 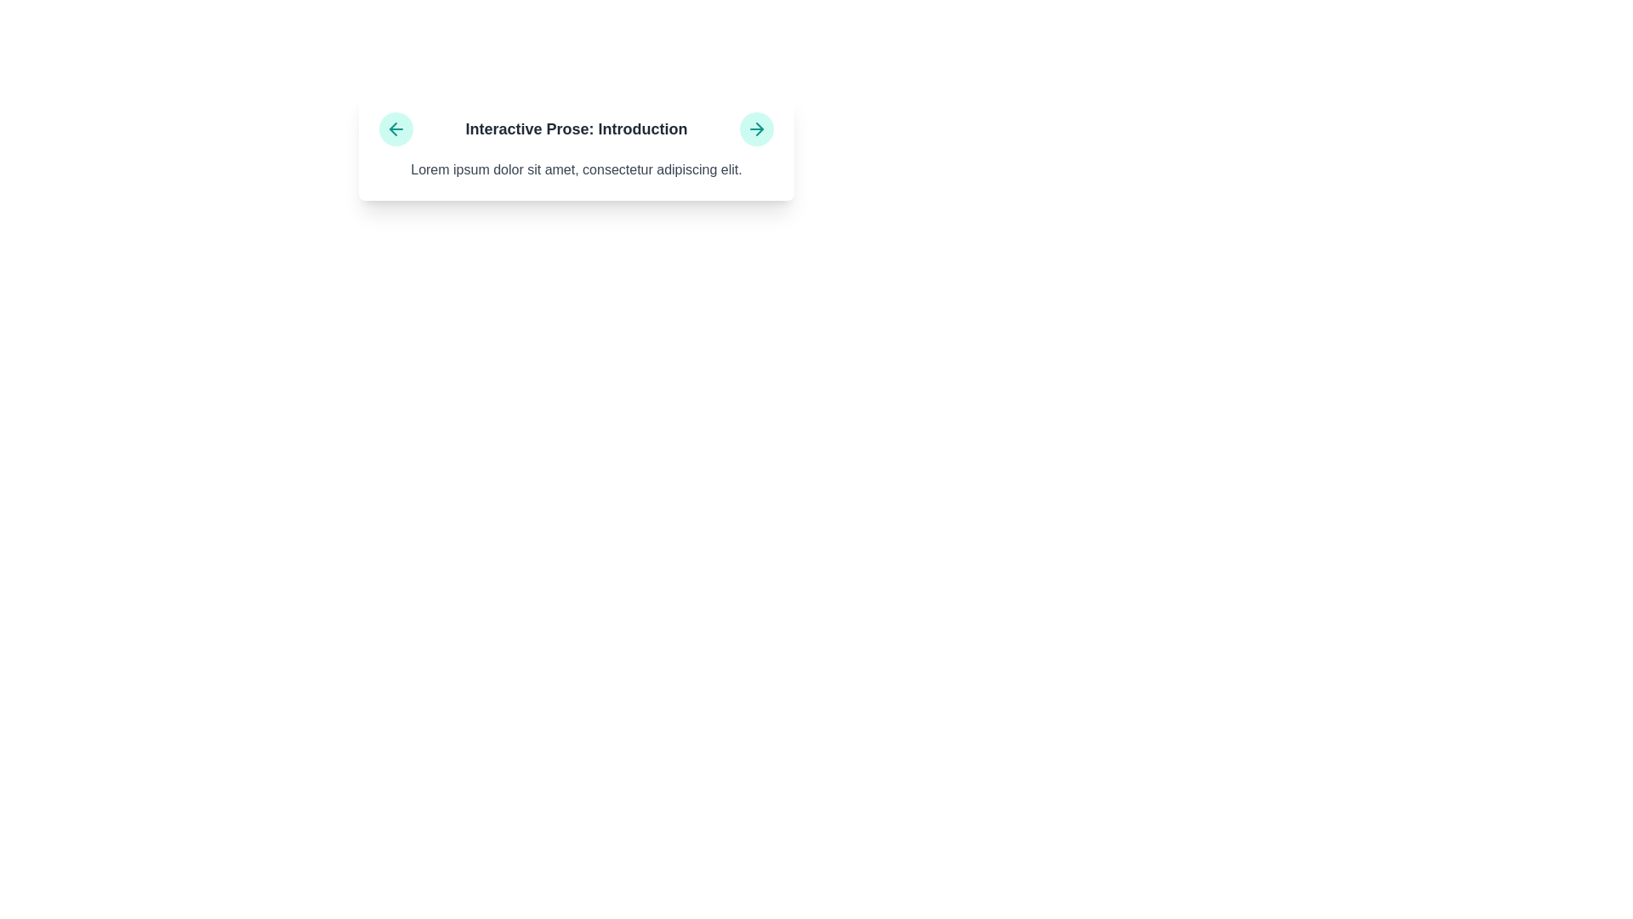 I want to click on the circular button with a teal arrow icon pointing to the right, so click(x=755, y=128).